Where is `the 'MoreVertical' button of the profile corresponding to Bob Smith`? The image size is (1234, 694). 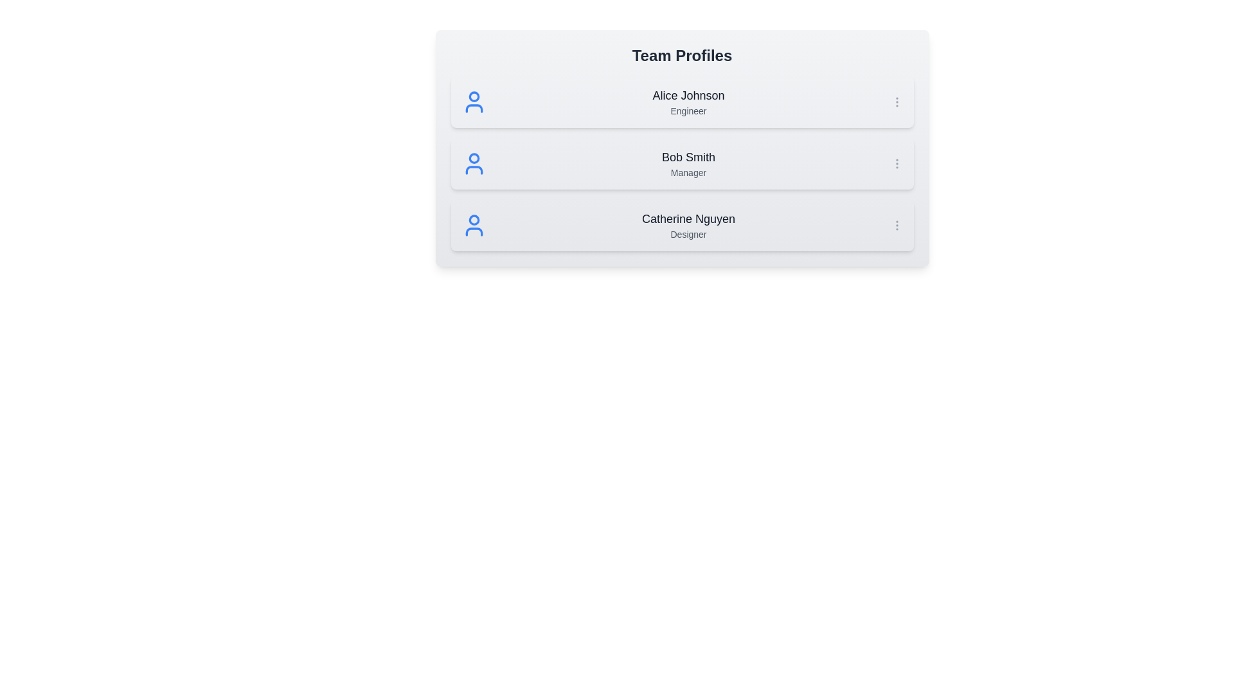 the 'MoreVertical' button of the profile corresponding to Bob Smith is located at coordinates (896, 163).